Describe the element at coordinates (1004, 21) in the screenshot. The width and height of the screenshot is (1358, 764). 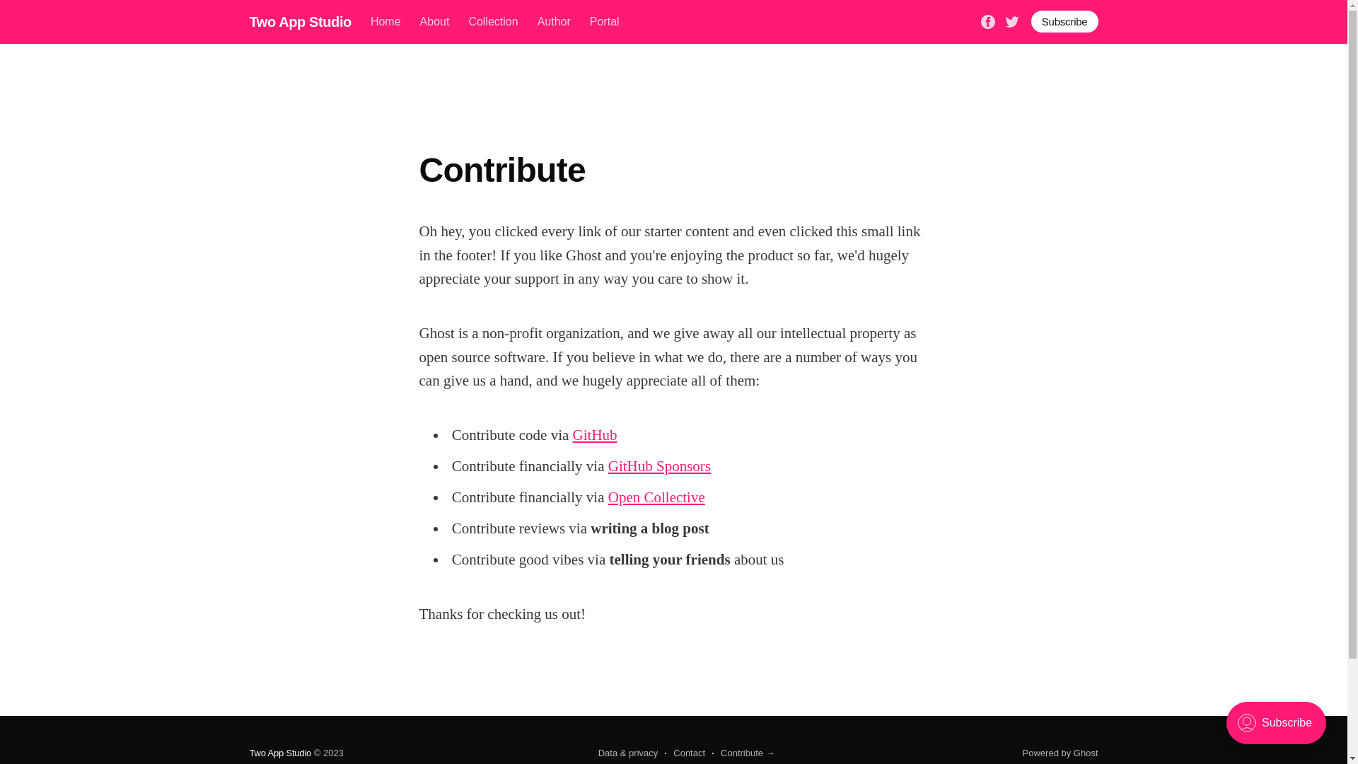
I see `'Twitter'` at that location.